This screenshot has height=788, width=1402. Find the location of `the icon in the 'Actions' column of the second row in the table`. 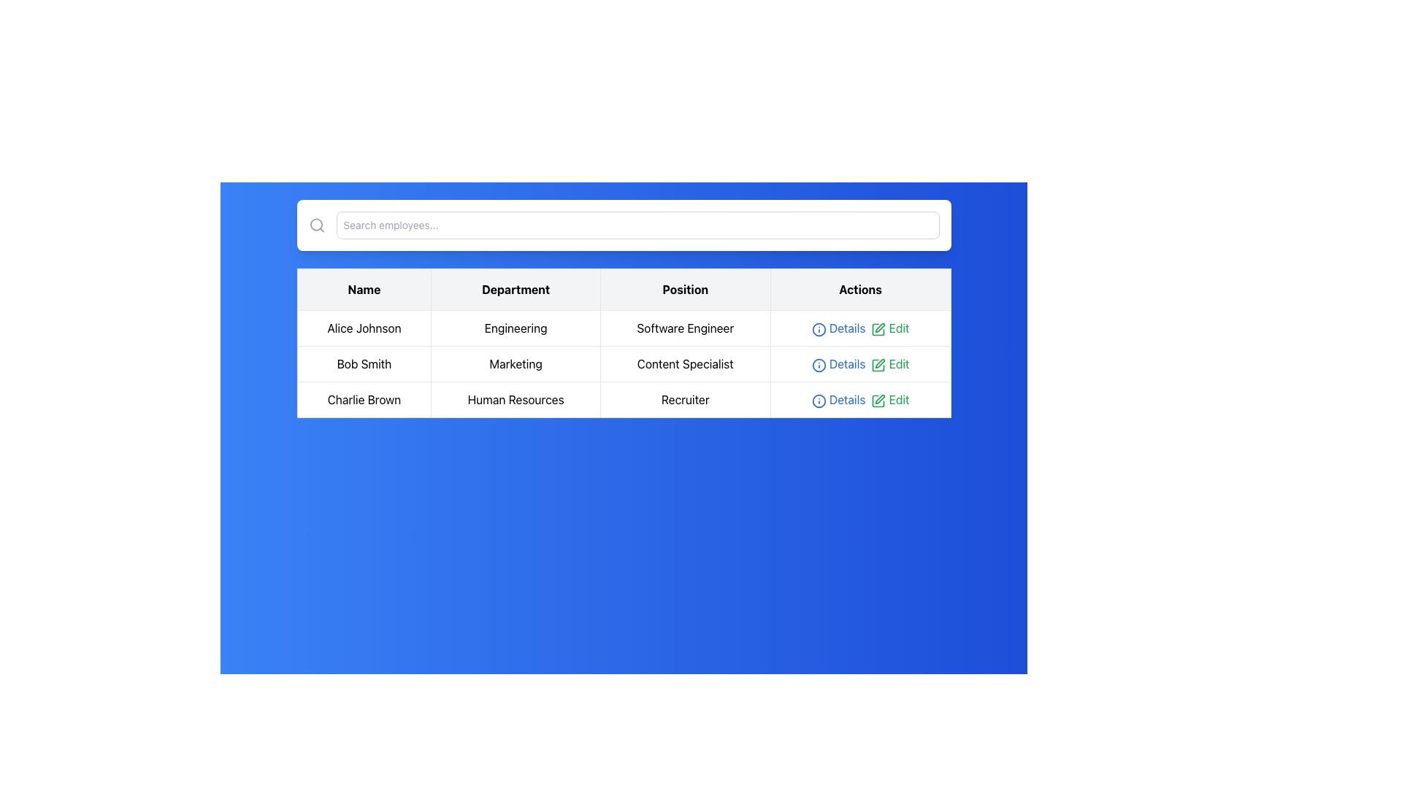

the icon in the 'Actions' column of the second row in the table is located at coordinates (819, 364).